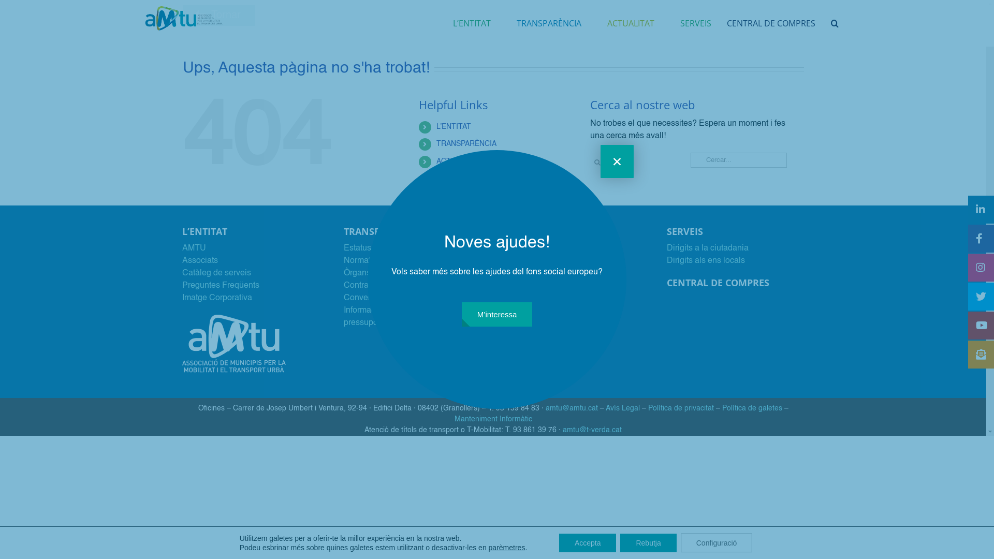  What do you see at coordinates (648, 542) in the screenshot?
I see `'Rebutja'` at bounding box center [648, 542].